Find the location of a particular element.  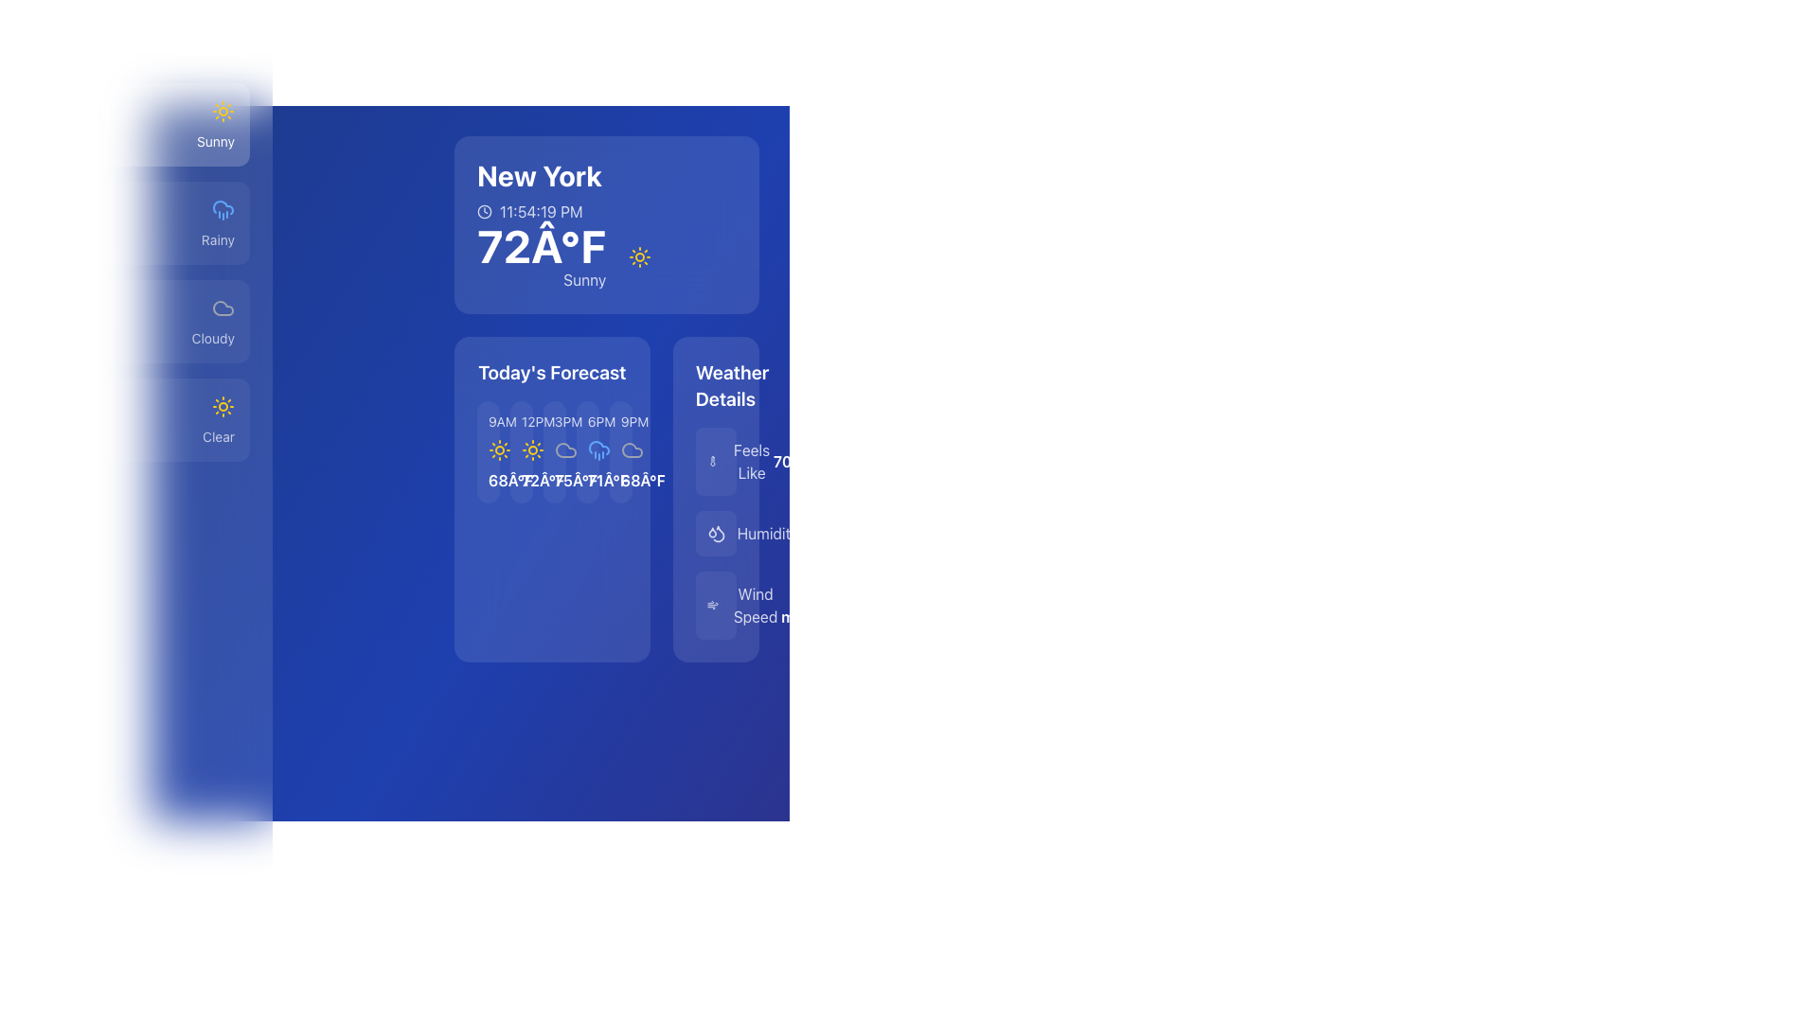

the static text display indicating the current weather condition for 'New York', which shows the temperature and the descriptor 'Sunny' is located at coordinates (135, 141).